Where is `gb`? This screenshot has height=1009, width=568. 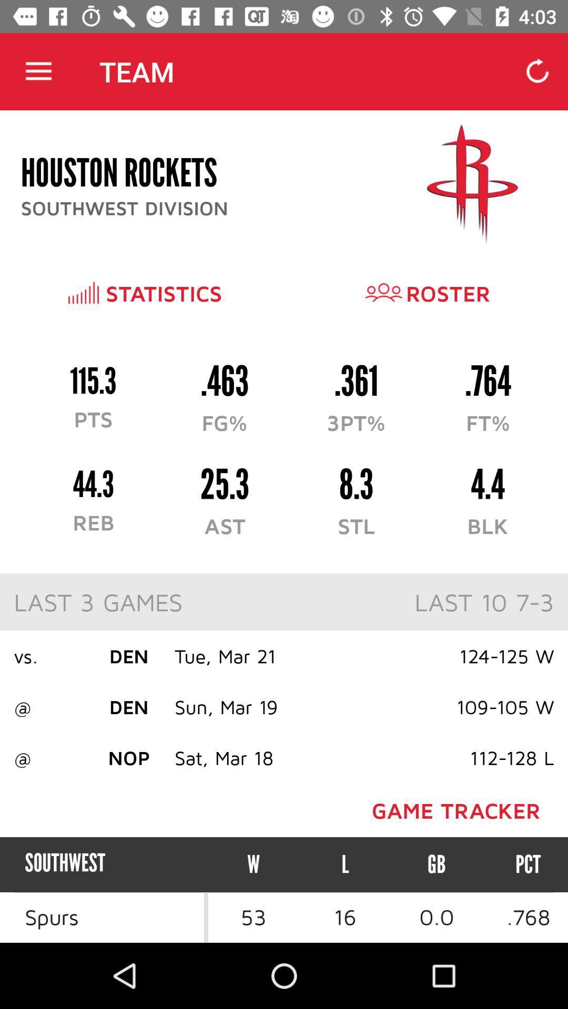
gb is located at coordinates (437, 864).